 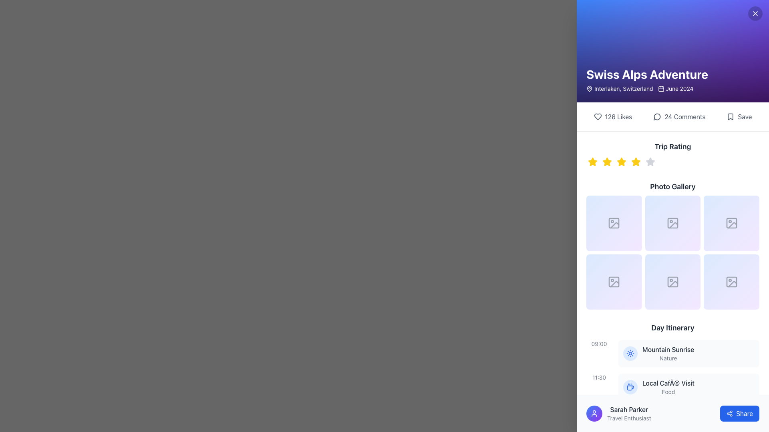 I want to click on the non-interactive informational panel displaying the 'Mountain Sunrise' activity in the Day Itinerary section, located under the time slot '09:00', so click(x=688, y=353).